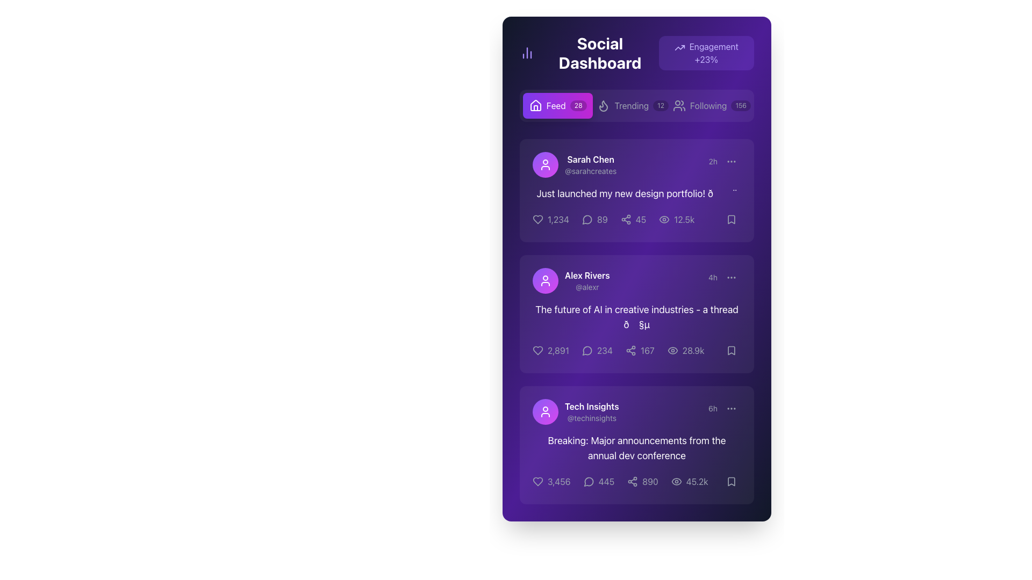  What do you see at coordinates (637, 481) in the screenshot?
I see `the Numerical Value indicating the number of shares for the post, located in the last section of the individual post on the dashboard, specifically the fourth element in a row of icons and numbers` at bounding box center [637, 481].